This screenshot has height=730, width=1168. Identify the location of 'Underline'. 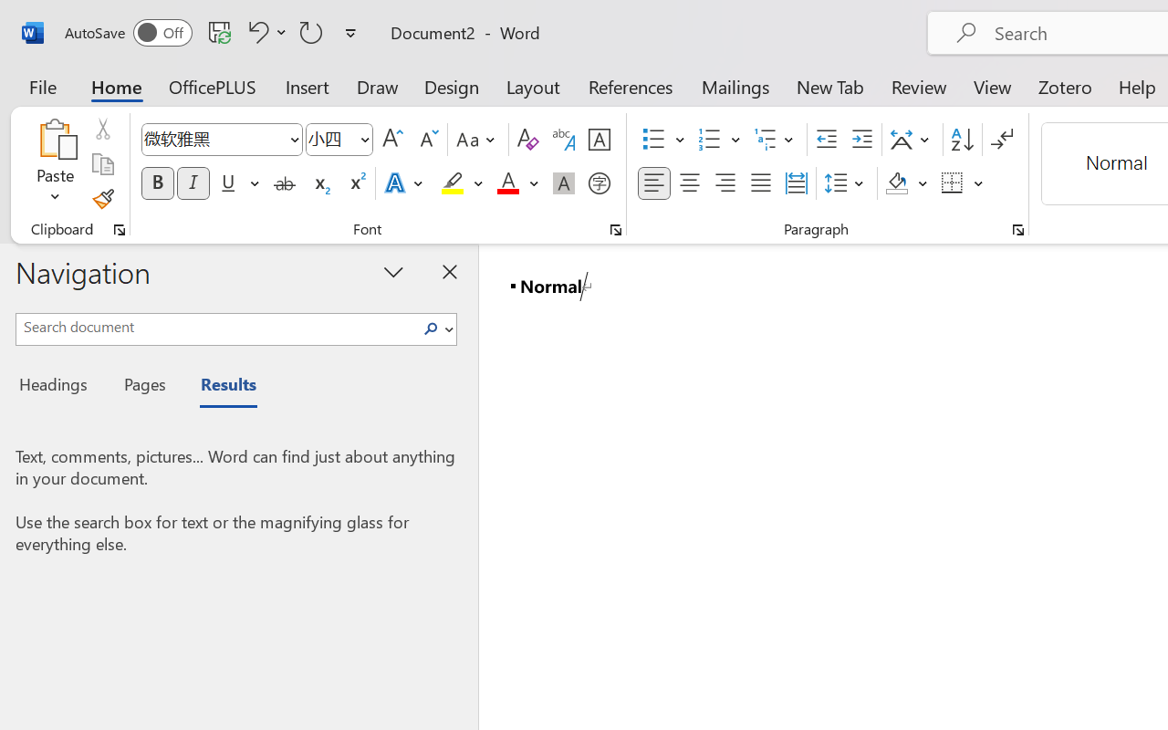
(237, 183).